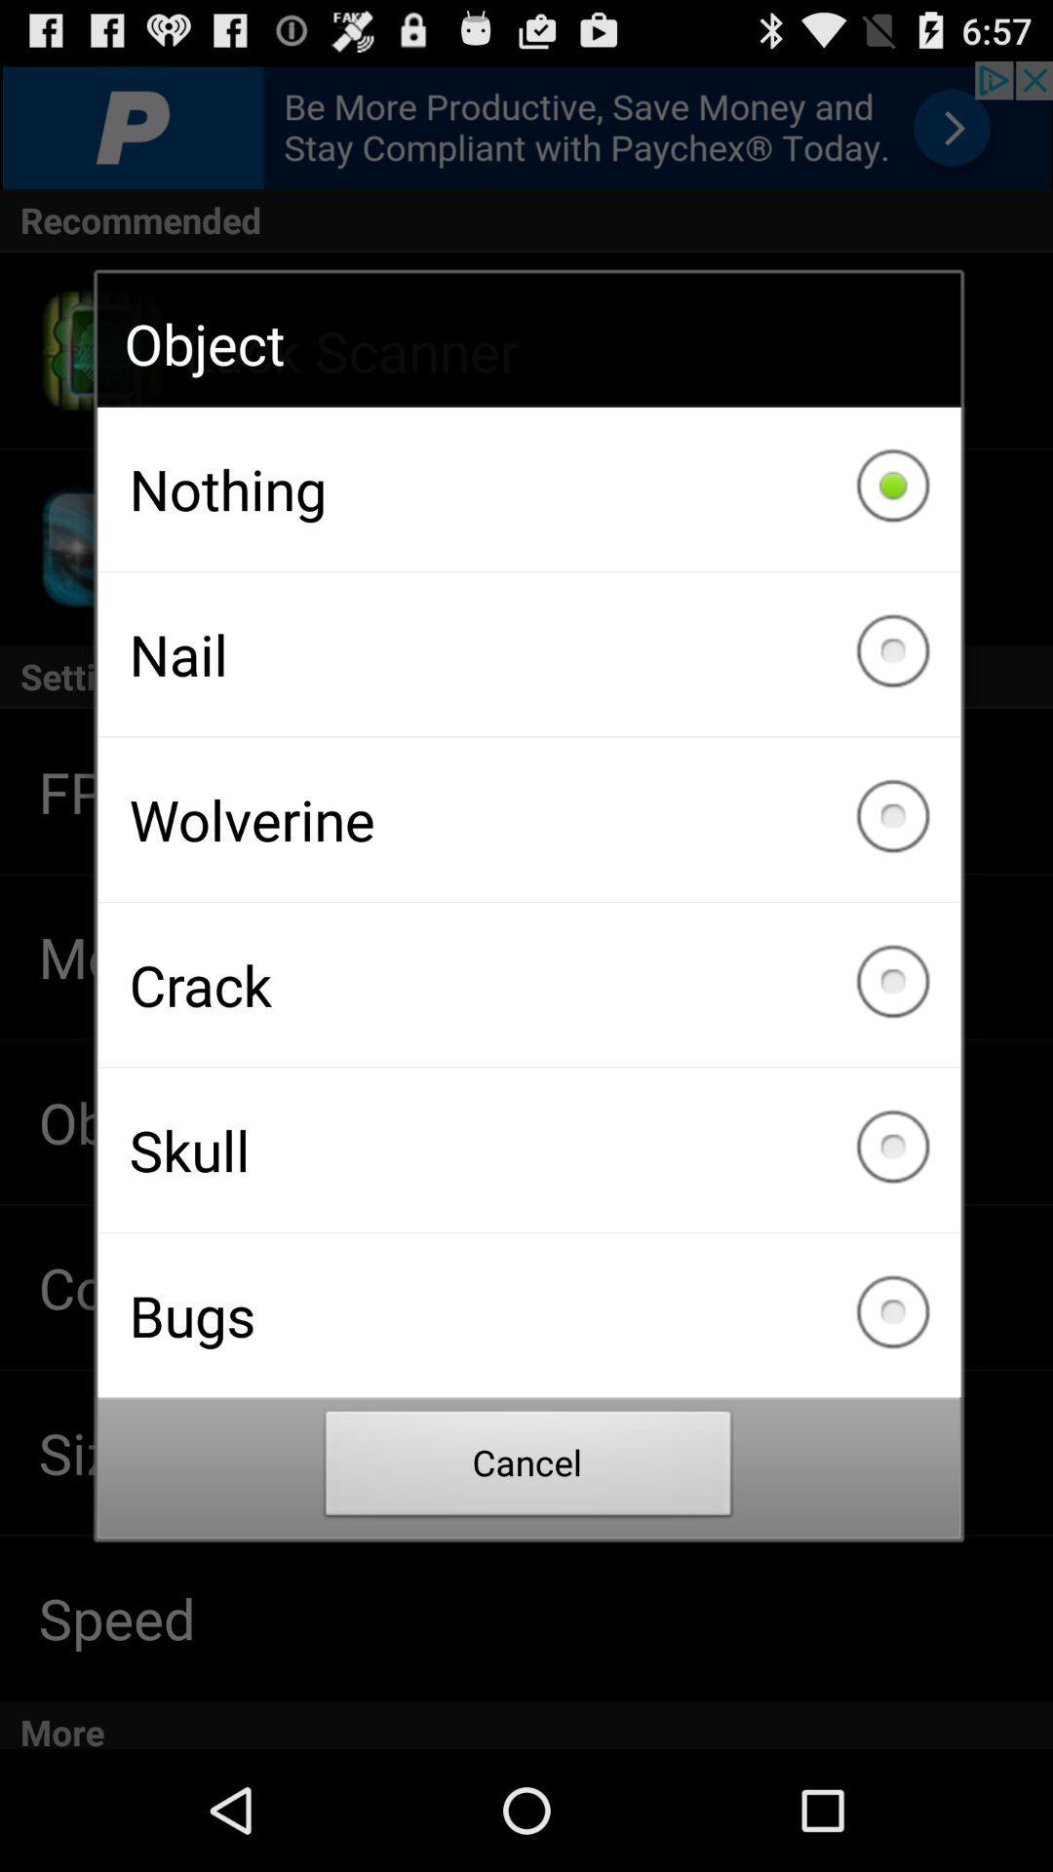  Describe the element at coordinates (528, 1468) in the screenshot. I see `cancel button` at that location.